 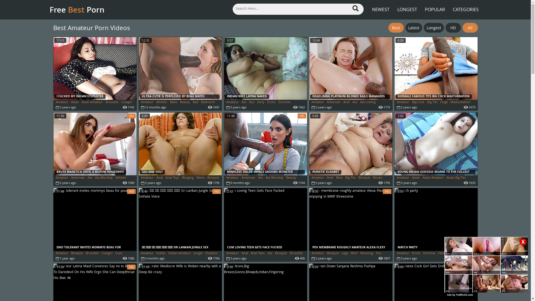 I want to click on 'Bedroom', so click(x=208, y=102).